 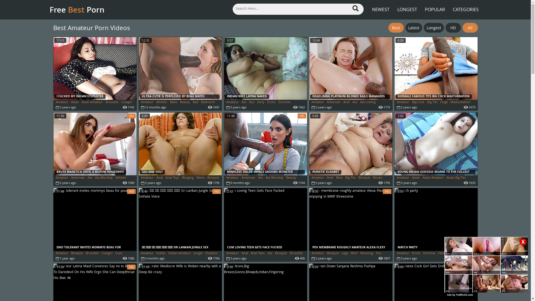 I want to click on 'Bedroom', so click(x=208, y=102).